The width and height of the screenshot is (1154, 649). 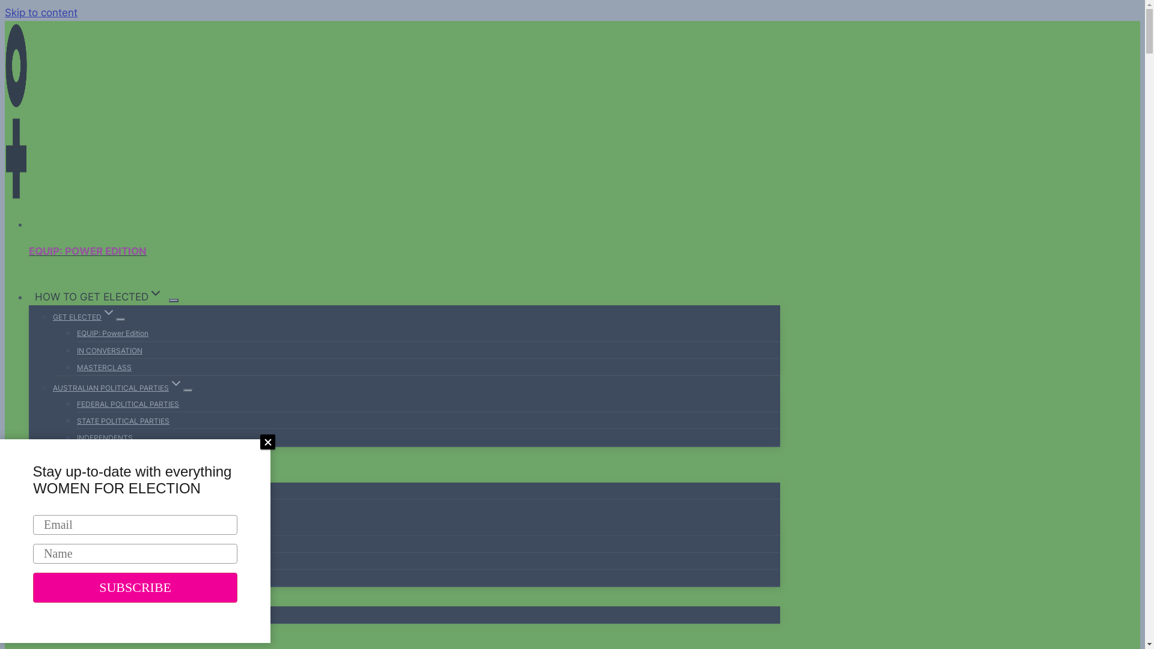 I want to click on 'FOUNDER', so click(x=94, y=561).